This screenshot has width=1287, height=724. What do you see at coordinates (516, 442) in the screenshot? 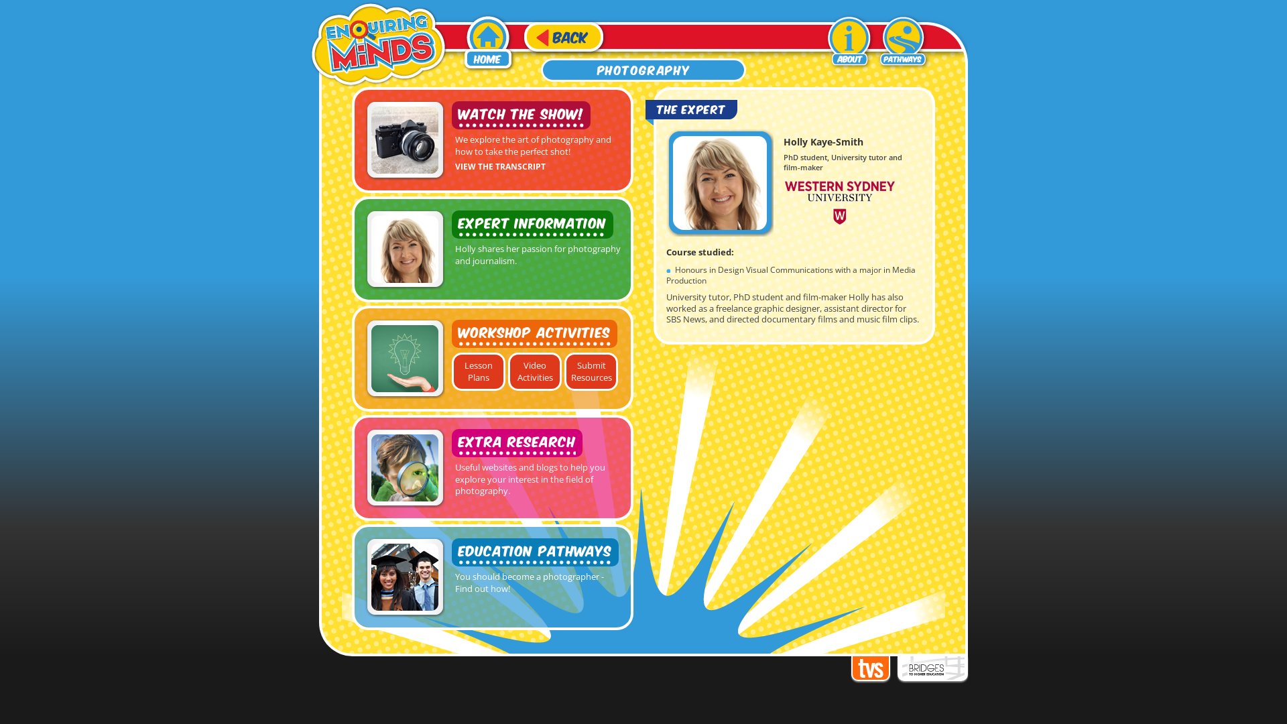
I see `'EXTRA RESEARCH'` at bounding box center [516, 442].